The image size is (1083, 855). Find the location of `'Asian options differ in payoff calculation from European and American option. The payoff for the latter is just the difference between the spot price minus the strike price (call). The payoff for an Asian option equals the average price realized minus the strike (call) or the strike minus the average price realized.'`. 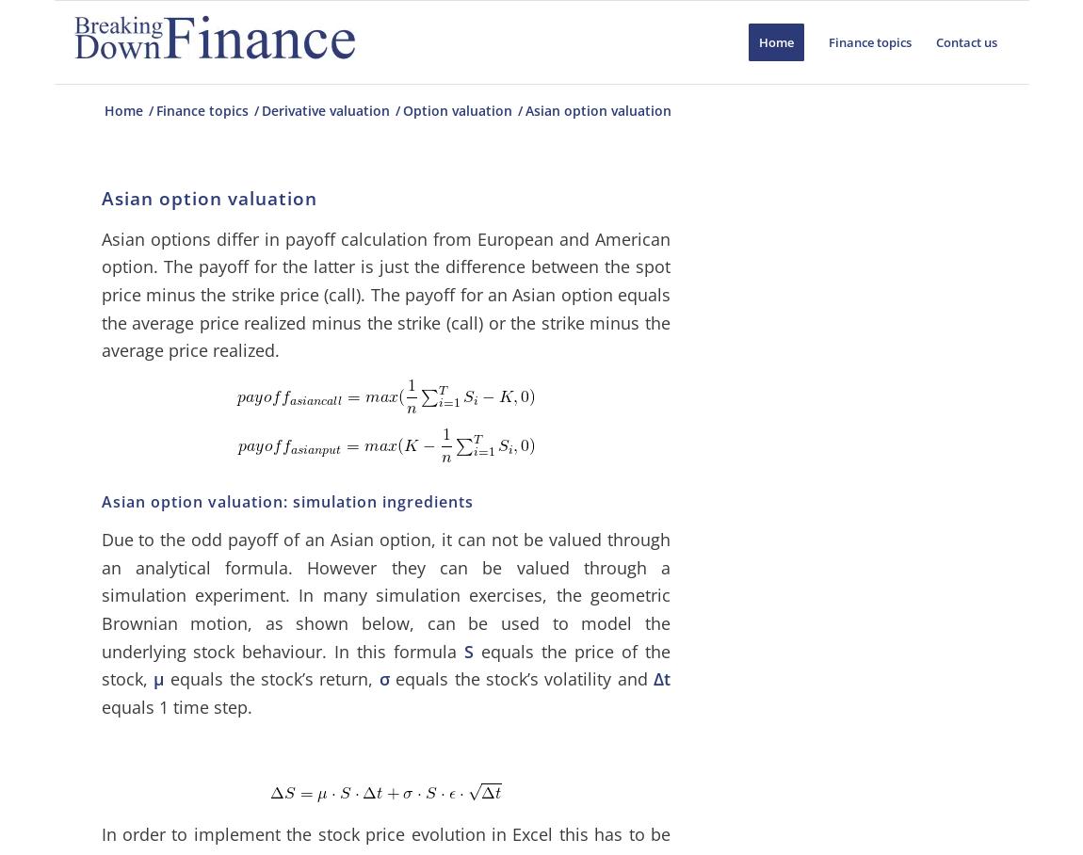

'Asian options differ in payoff calculation from European and American option. The payoff for the latter is just the difference between the spot price minus the strike price (call). The payoff for an Asian option equals the average price realized minus the strike (call) or the strike minus the average price realized.' is located at coordinates (385, 293).